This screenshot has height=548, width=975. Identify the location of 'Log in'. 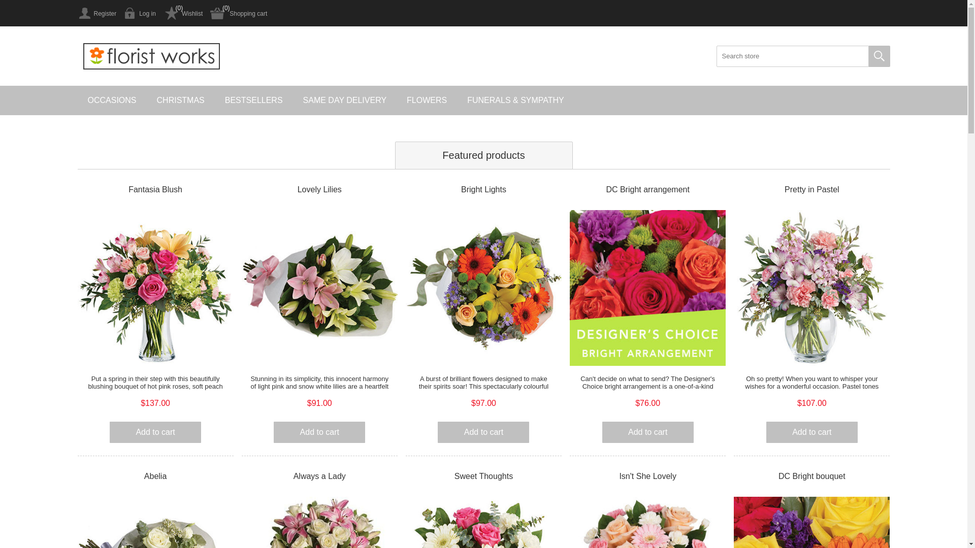
(139, 13).